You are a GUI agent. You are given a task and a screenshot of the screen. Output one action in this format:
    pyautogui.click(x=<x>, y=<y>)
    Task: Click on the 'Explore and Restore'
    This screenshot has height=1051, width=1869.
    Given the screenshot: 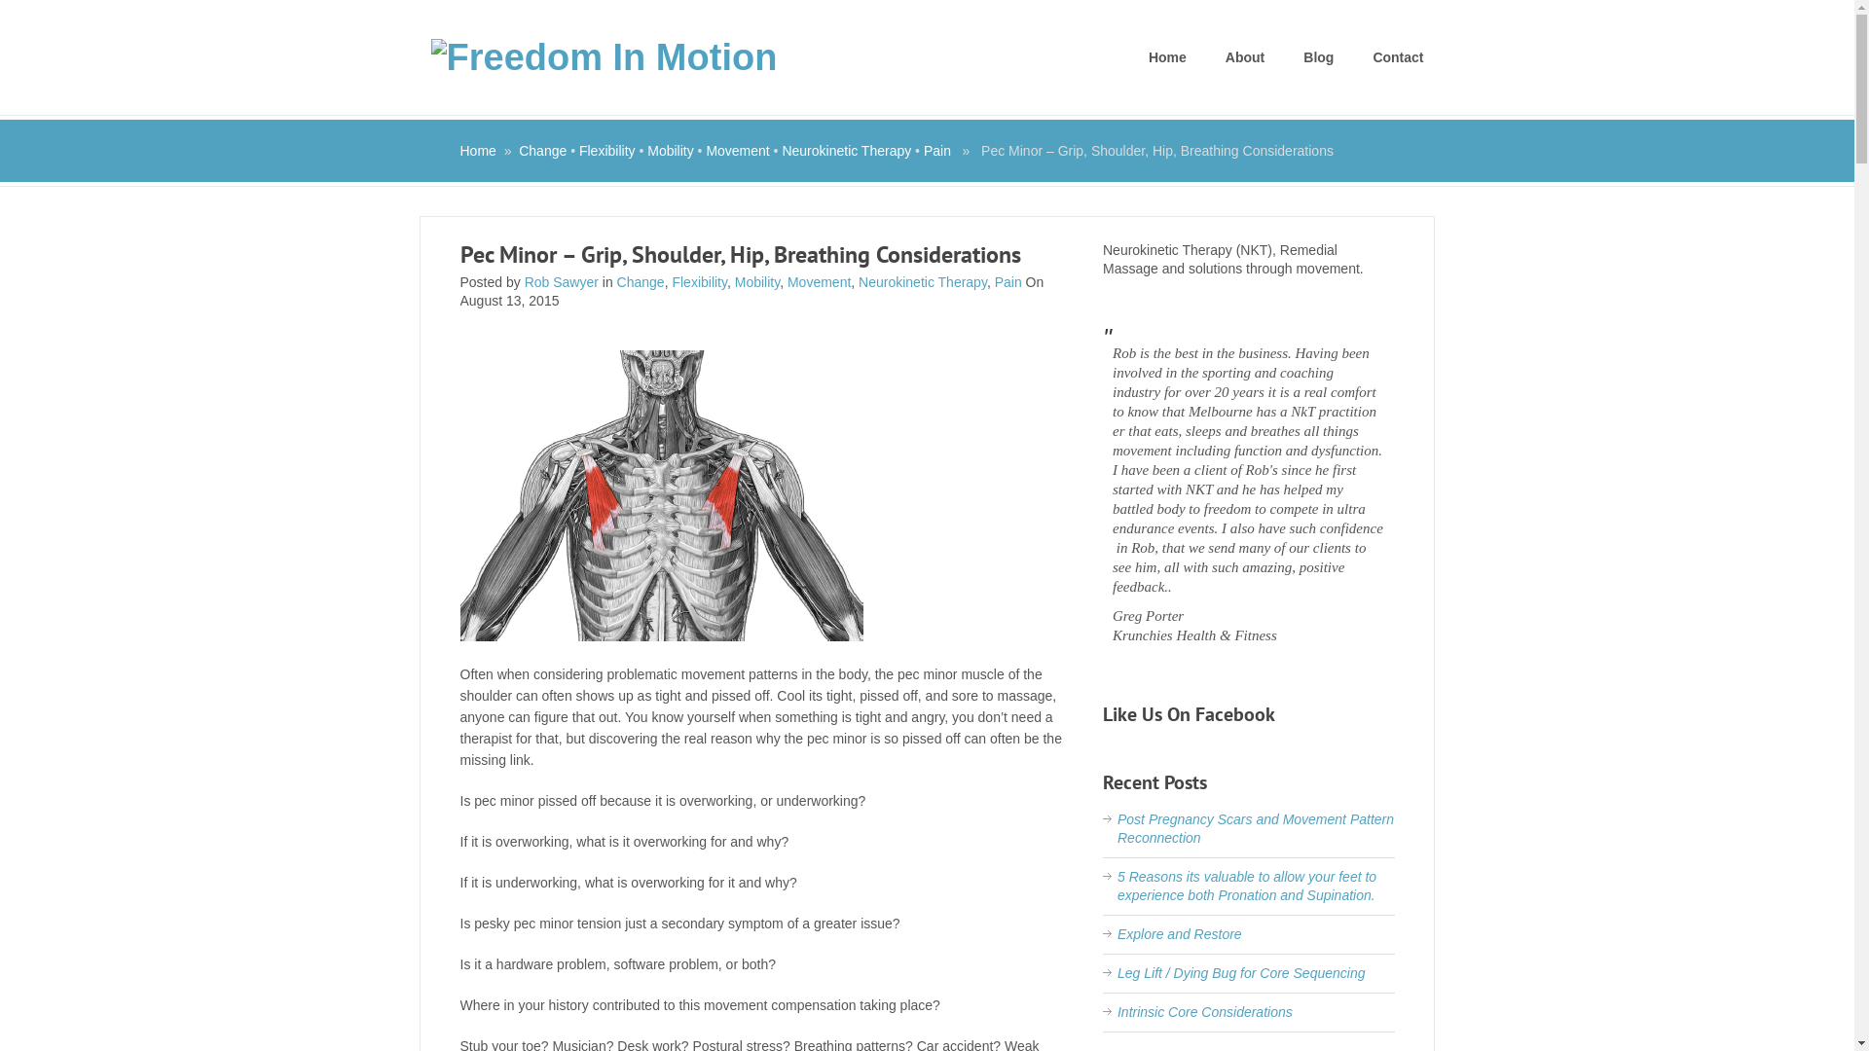 What is the action you would take?
    pyautogui.click(x=1178, y=933)
    